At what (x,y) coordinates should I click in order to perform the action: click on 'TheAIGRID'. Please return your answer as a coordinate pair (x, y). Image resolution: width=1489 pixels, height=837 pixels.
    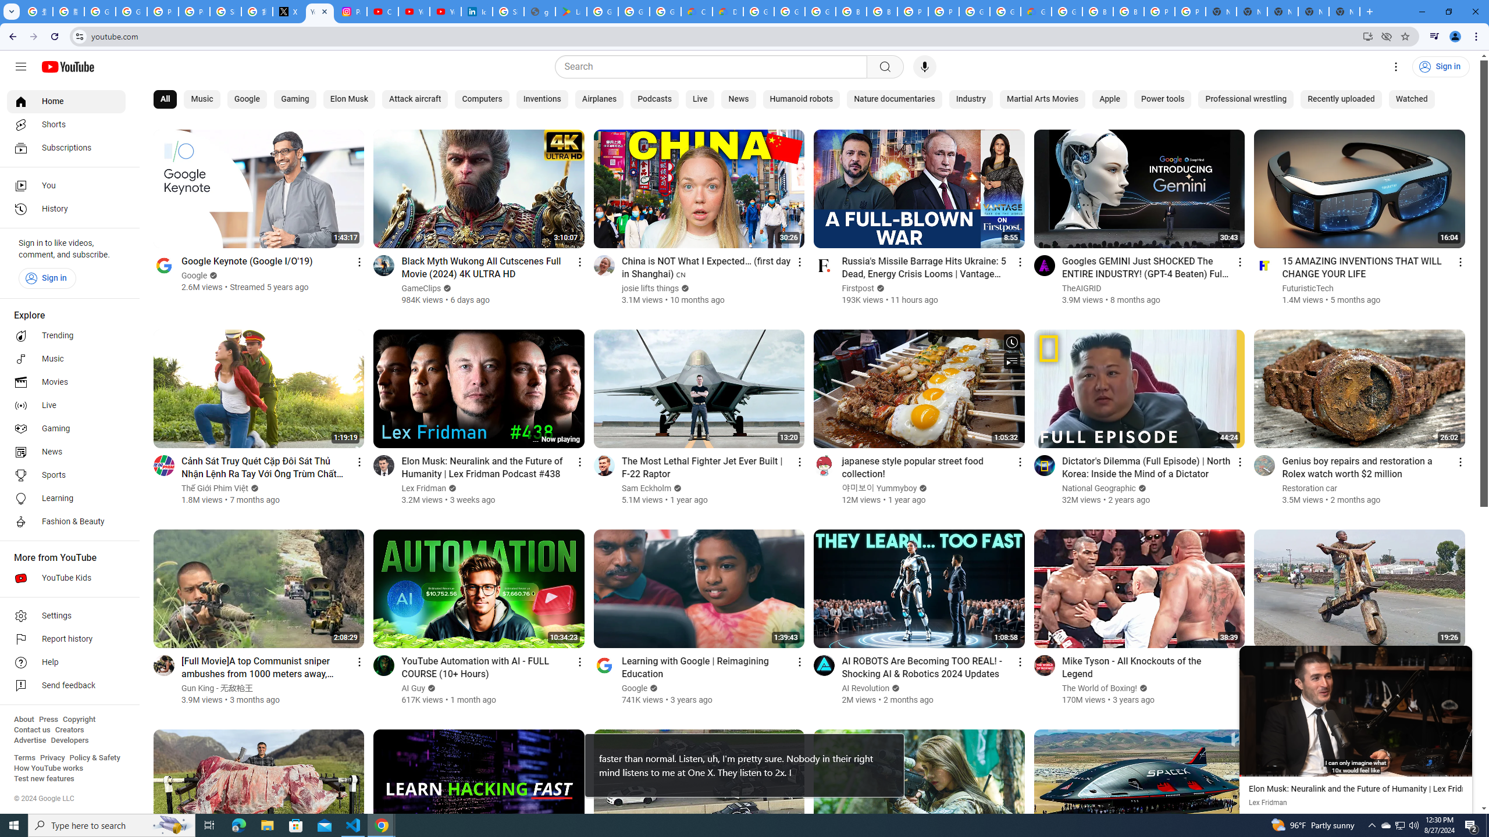
    Looking at the image, I should click on (1081, 288).